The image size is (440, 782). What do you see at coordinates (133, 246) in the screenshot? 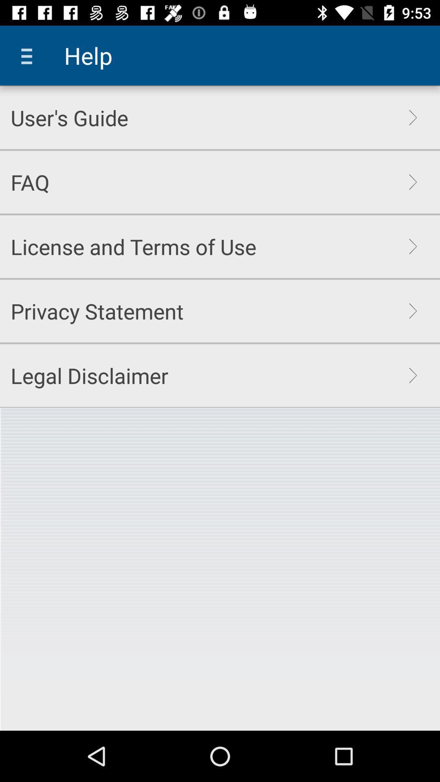
I see `the item above privacy statement item` at bounding box center [133, 246].